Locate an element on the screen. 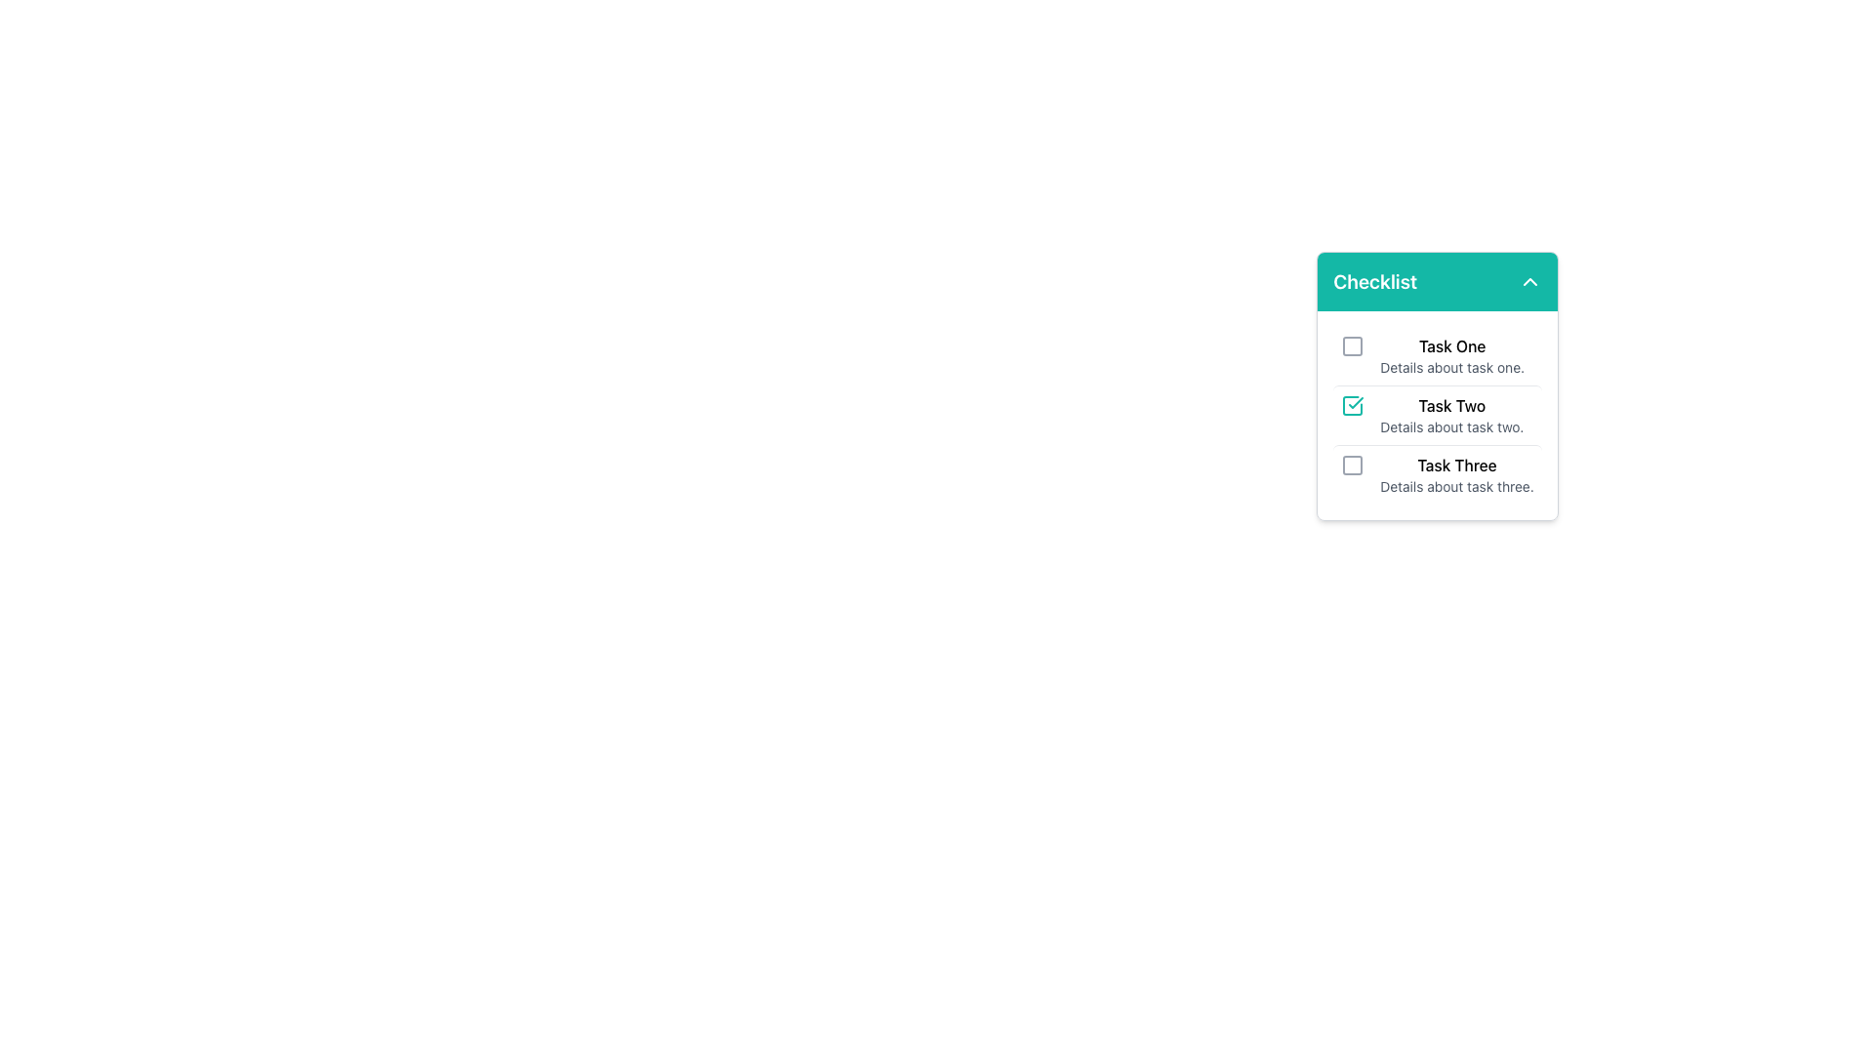 The width and height of the screenshot is (1874, 1054). the text label that serves as the title for the first task in the checklist, located at the top left of the first listed item, above the text 'Details about task one.' is located at coordinates (1452, 345).